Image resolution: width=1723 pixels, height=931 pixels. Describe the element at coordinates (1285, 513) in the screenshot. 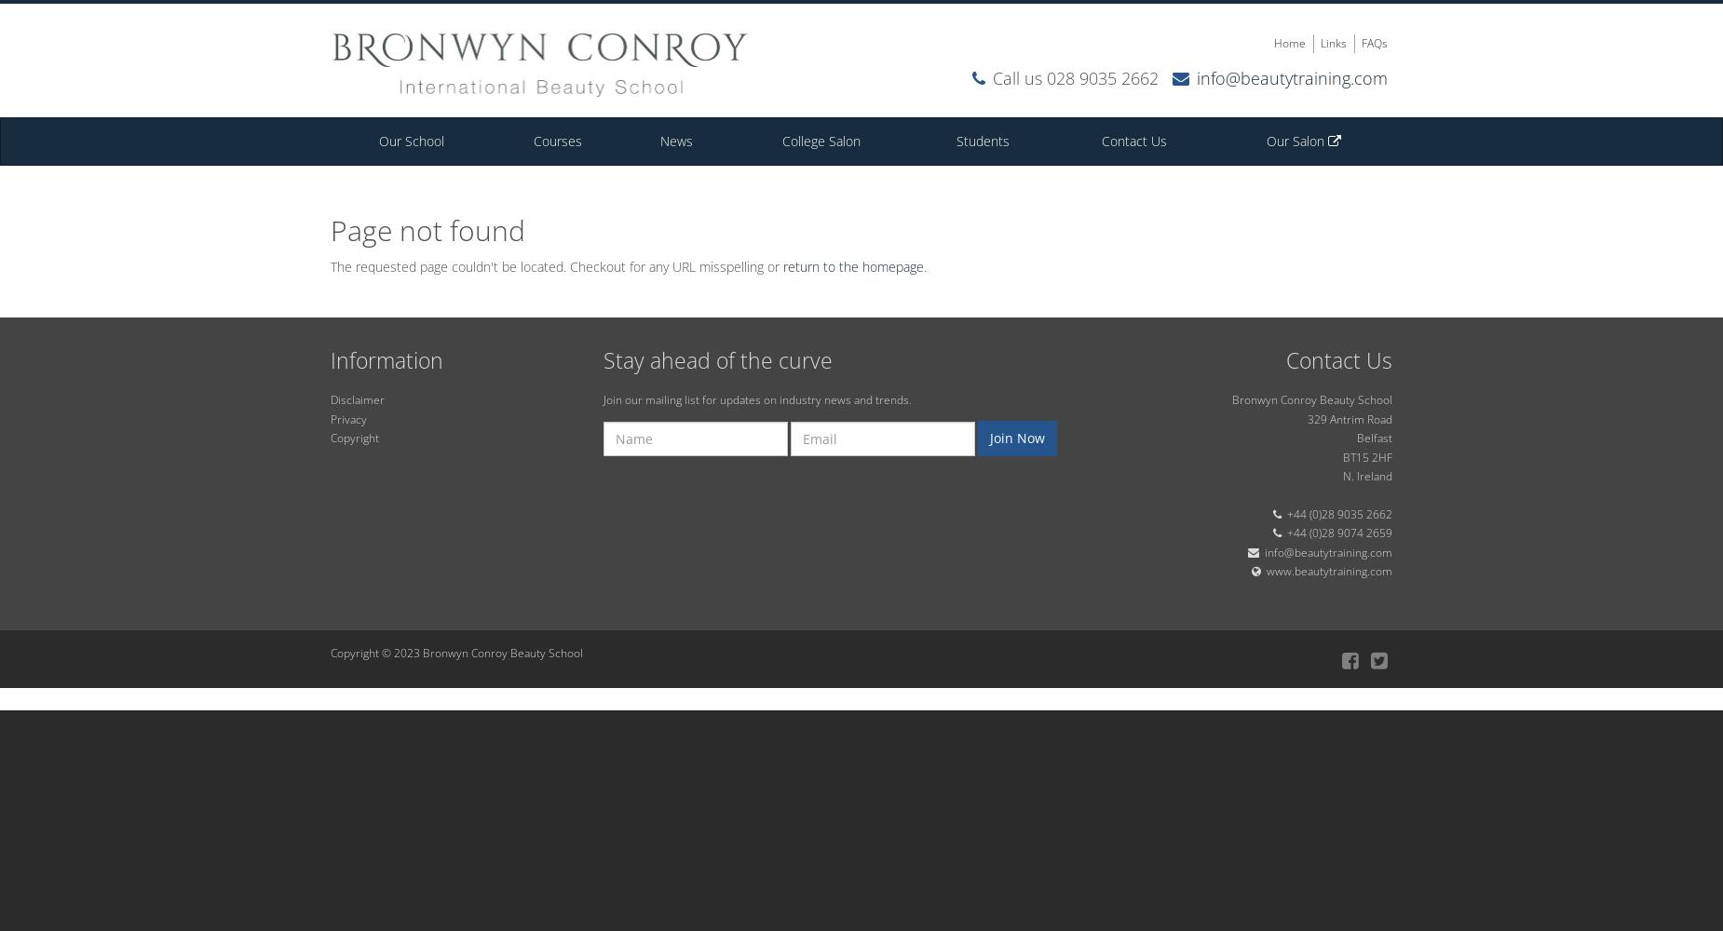

I see `'+44 (0)28 9035 2662'` at that location.